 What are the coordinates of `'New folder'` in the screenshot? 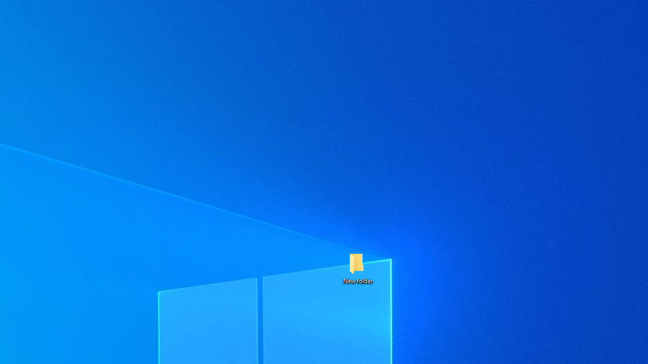 It's located at (357, 267).